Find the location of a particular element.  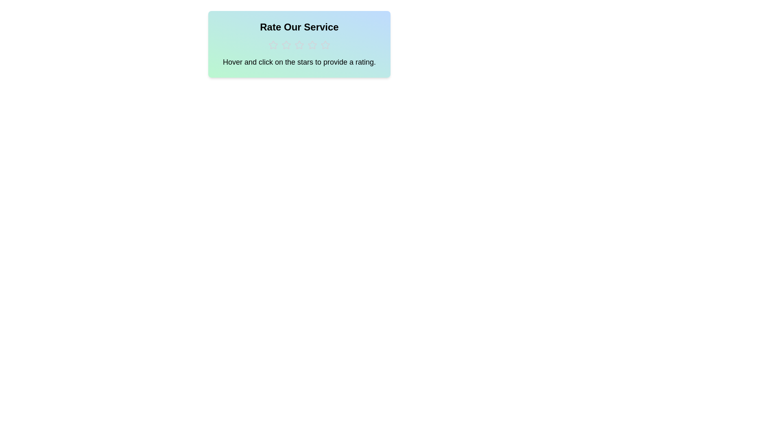

the star corresponding to 5 to preview the rating is located at coordinates (325, 45).